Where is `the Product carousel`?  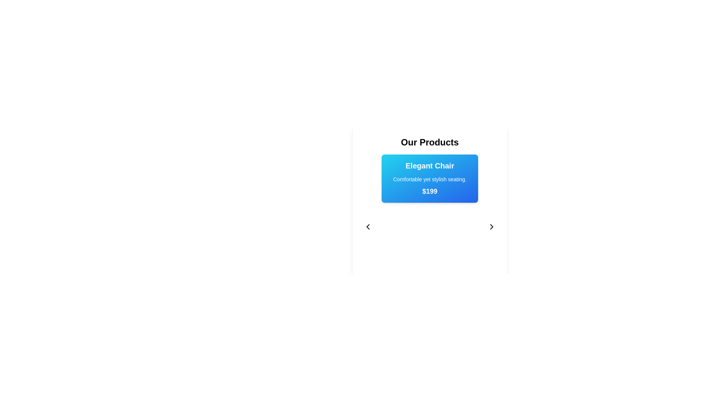 the Product carousel is located at coordinates (430, 218).